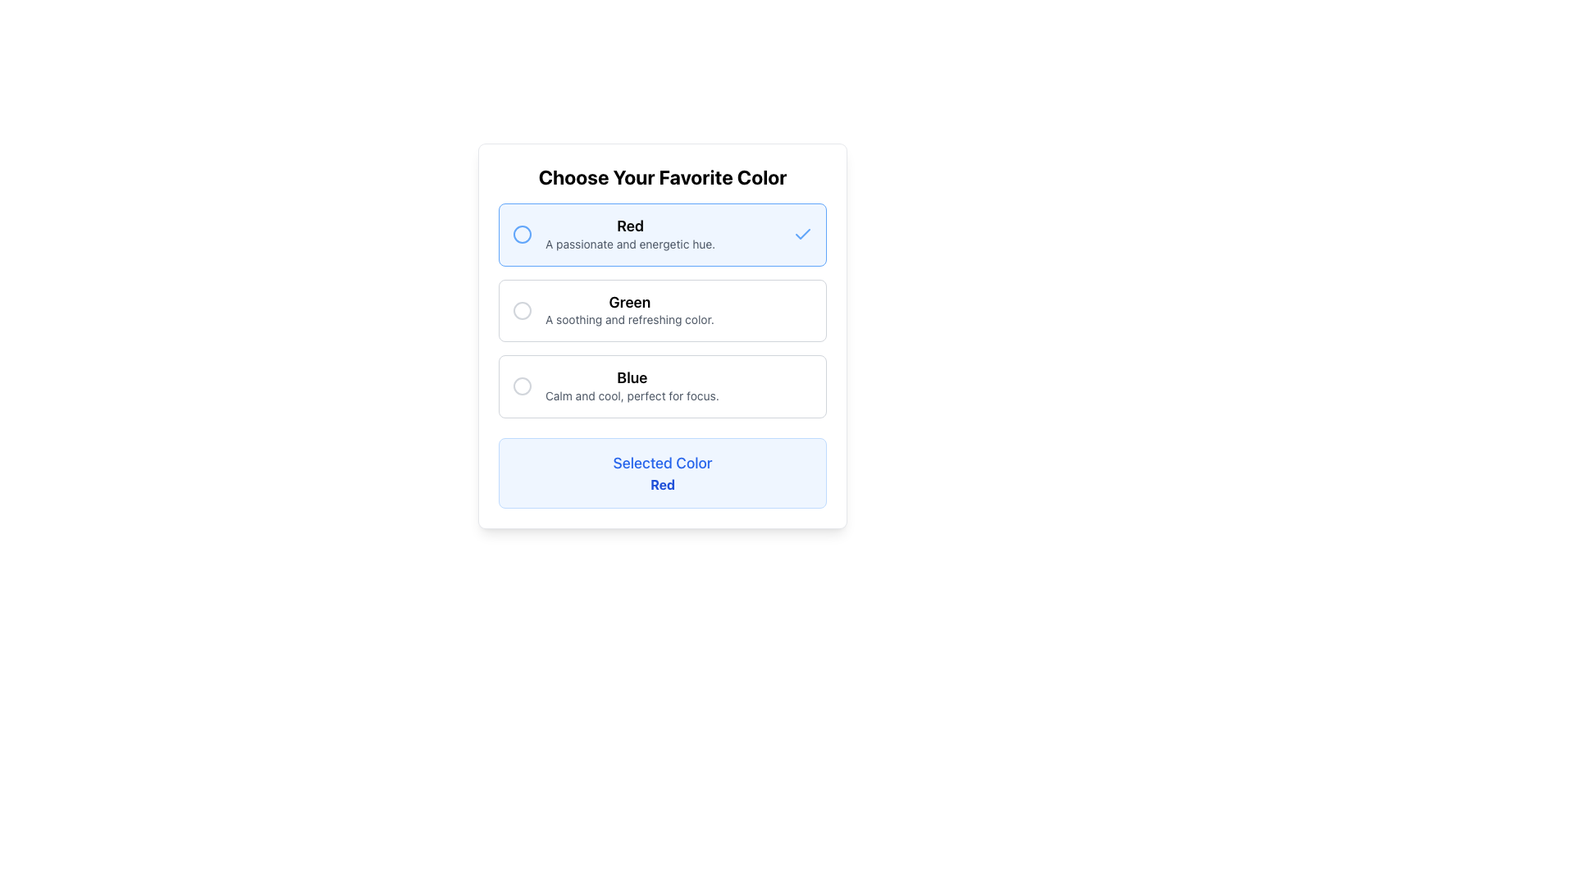  What do you see at coordinates (629, 226) in the screenshot?
I see `the title label of the selectable color option located at the top of the vertical list, which is above the descriptive text 'A passionate and energetic hue'` at bounding box center [629, 226].